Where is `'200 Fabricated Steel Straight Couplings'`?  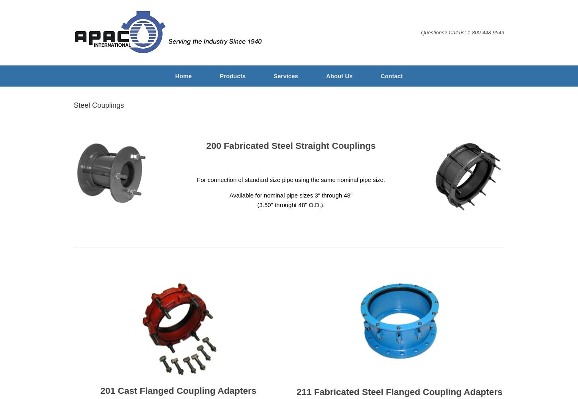 '200 Fabricated Steel Straight Couplings' is located at coordinates (291, 145).